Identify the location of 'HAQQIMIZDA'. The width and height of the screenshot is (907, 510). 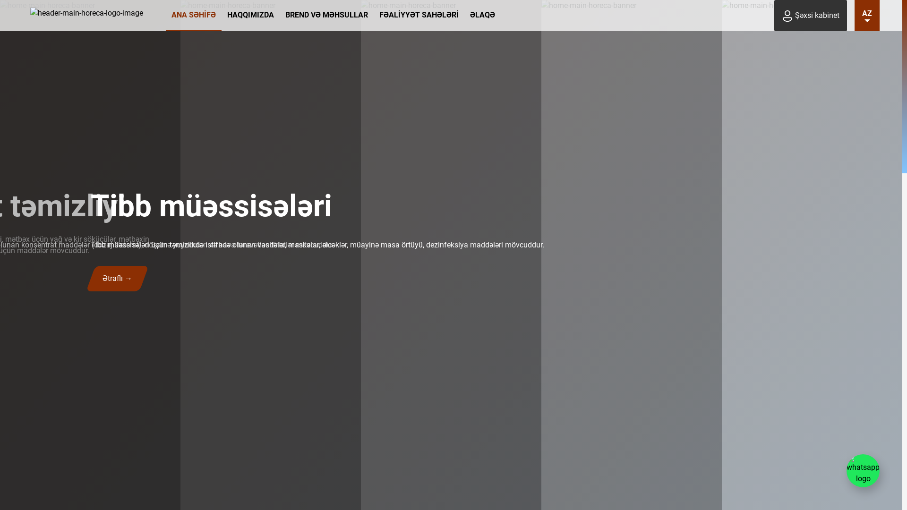
(221, 16).